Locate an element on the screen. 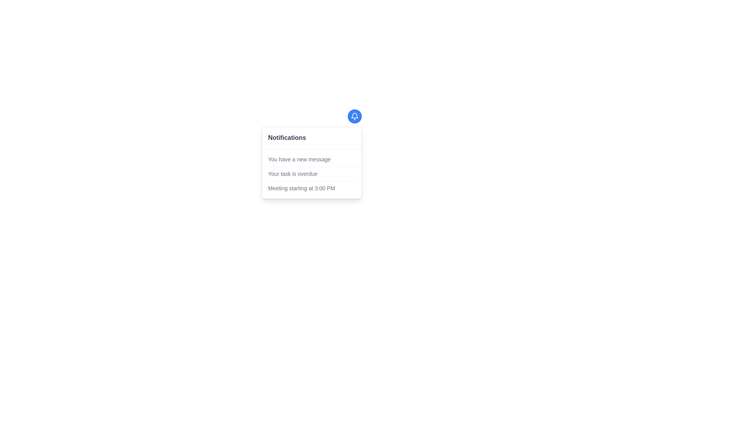 Image resolution: width=751 pixels, height=422 pixels. the text label displaying 'You have a new message', which is the first item in the notifications dropdown list is located at coordinates (311, 159).